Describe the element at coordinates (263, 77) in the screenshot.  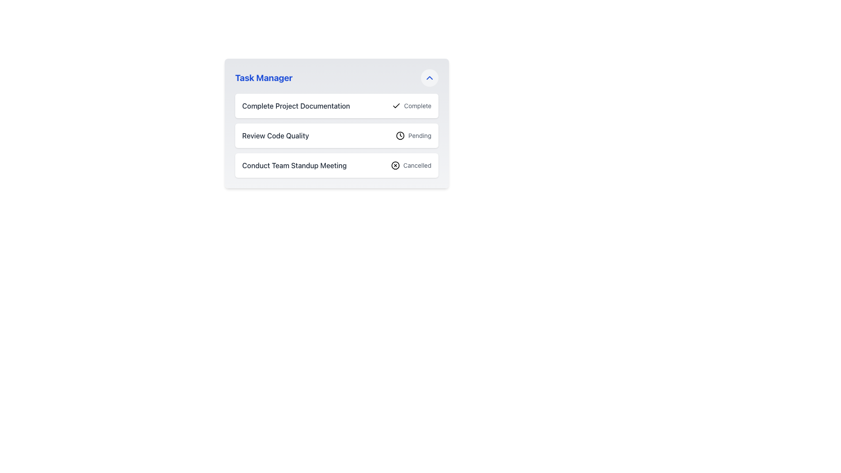
I see `the text label at the top-left corner of the task management interface, indicating the purpose of the associated content` at that location.